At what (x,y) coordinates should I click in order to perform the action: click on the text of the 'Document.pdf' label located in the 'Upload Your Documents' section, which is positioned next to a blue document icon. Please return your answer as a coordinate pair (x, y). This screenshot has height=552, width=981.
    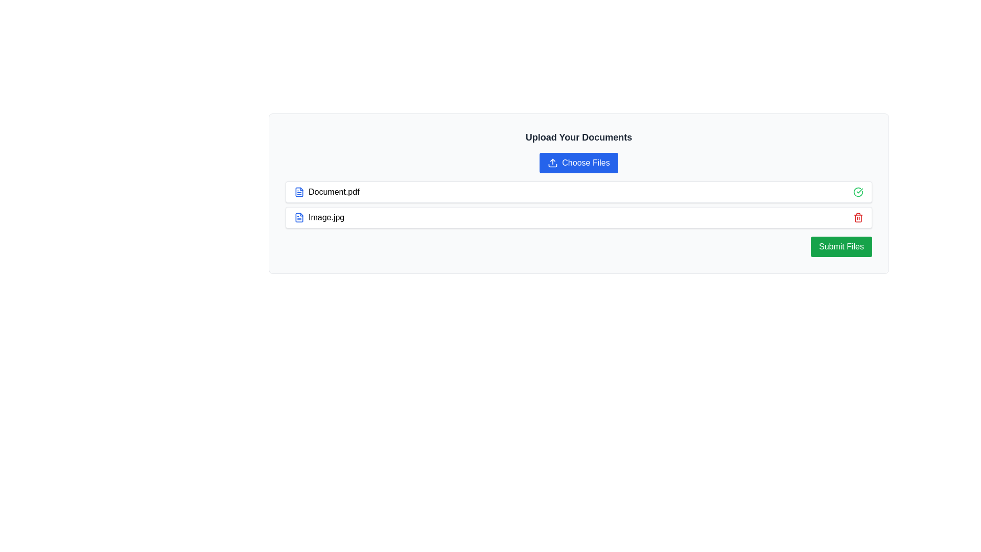
    Looking at the image, I should click on (334, 192).